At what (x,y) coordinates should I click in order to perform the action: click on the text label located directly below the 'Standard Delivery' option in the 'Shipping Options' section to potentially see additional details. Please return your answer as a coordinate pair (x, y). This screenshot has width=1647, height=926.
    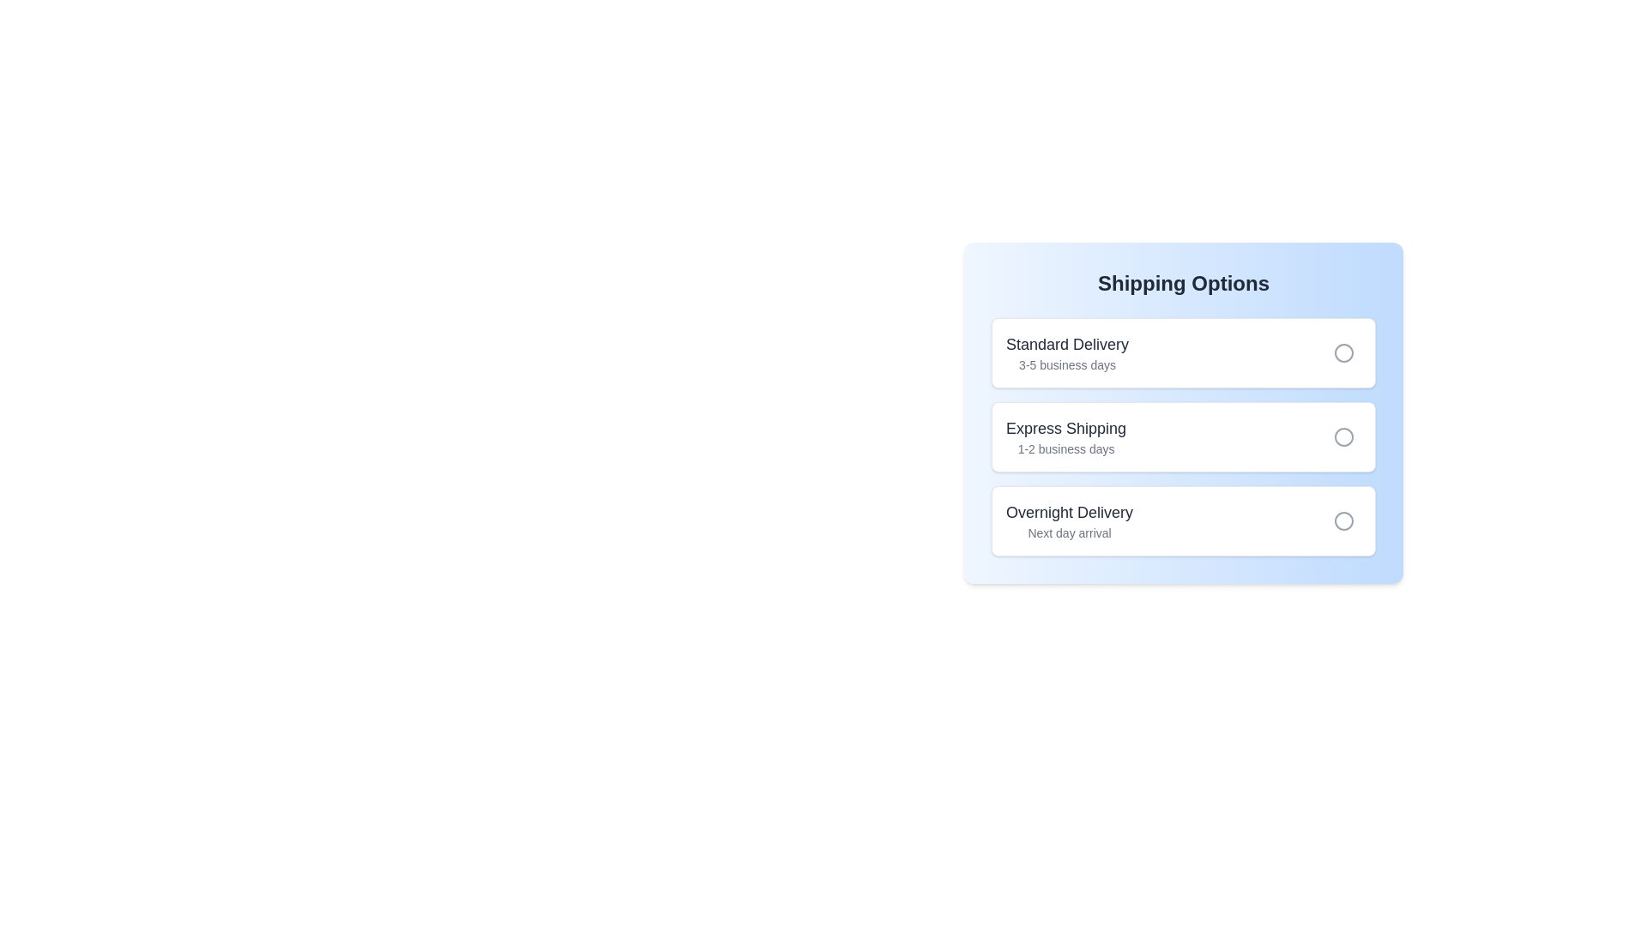
    Looking at the image, I should click on (1066, 364).